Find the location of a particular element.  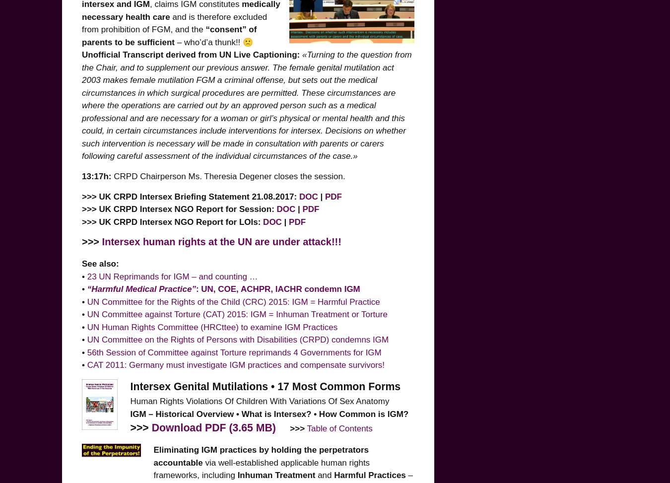

'Eliminating IGM practices by holding the perpetrators accountable' is located at coordinates (153, 455).